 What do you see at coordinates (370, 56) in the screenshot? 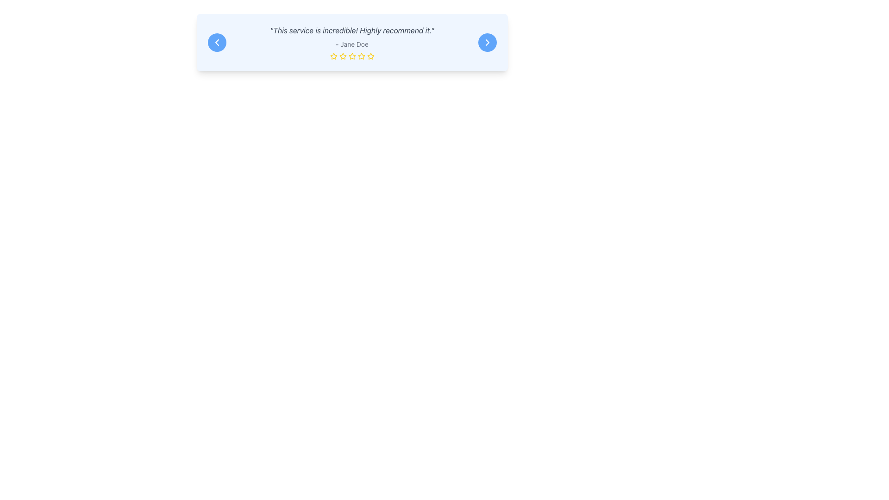
I see `the fourth star icon from the row of five rating stars, which has a golden-yellow outline` at bounding box center [370, 56].